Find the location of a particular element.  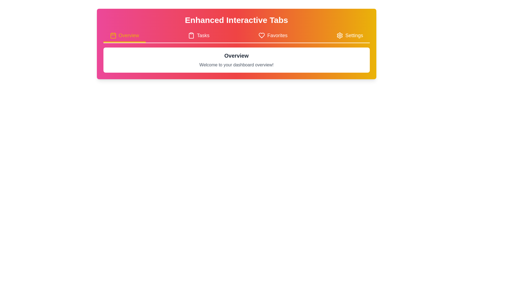

the 'Settings' menu item, which is styled with a white font and a gear icon is located at coordinates (350, 36).